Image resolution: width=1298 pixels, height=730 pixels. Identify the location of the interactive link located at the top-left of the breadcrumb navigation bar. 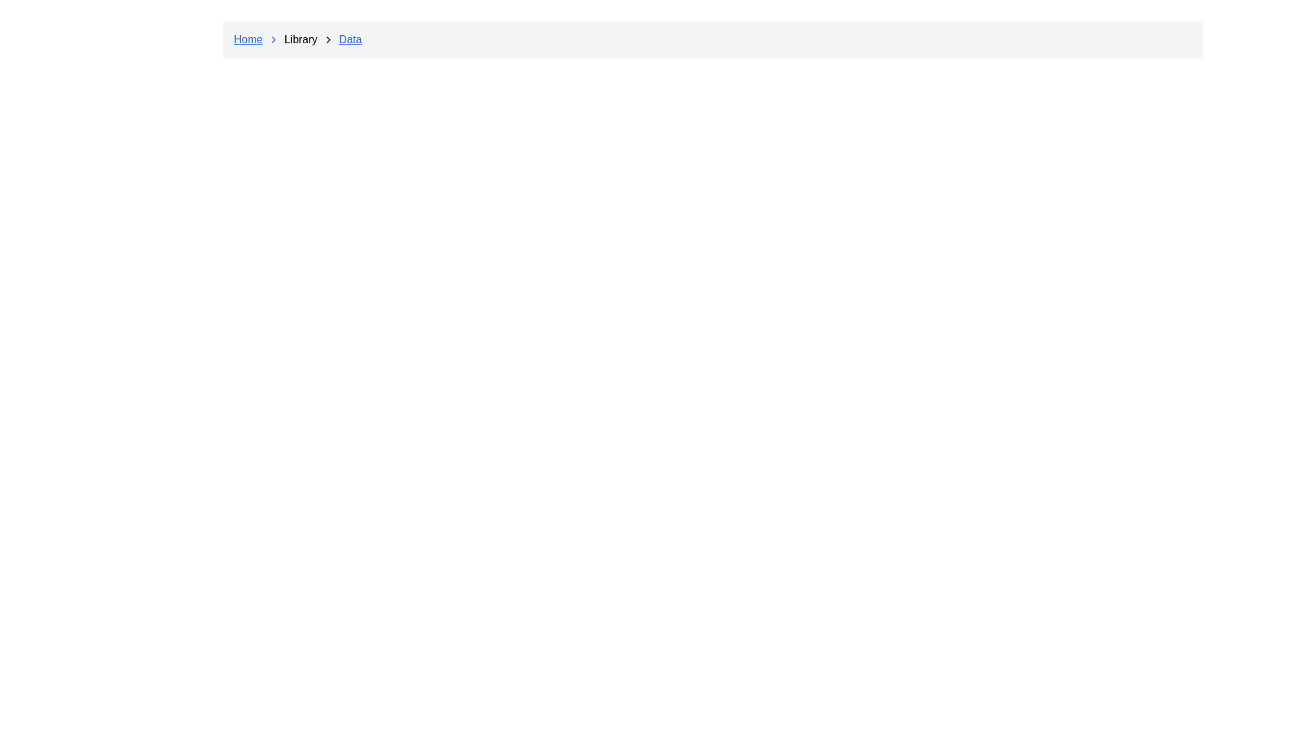
(256, 39).